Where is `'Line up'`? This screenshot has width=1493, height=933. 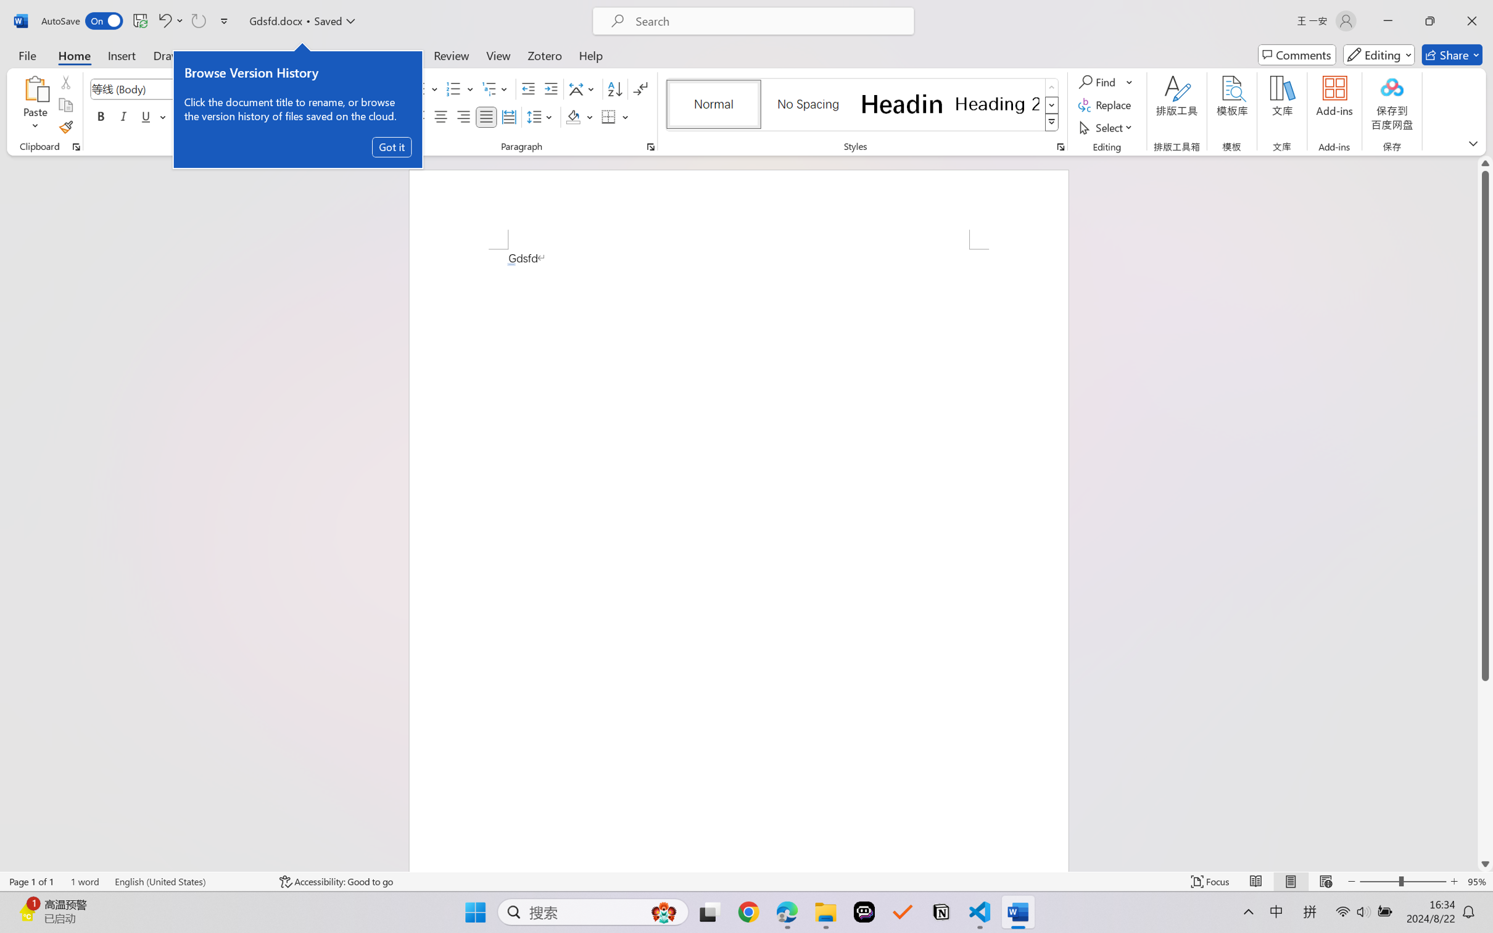 'Line up' is located at coordinates (1485, 163).